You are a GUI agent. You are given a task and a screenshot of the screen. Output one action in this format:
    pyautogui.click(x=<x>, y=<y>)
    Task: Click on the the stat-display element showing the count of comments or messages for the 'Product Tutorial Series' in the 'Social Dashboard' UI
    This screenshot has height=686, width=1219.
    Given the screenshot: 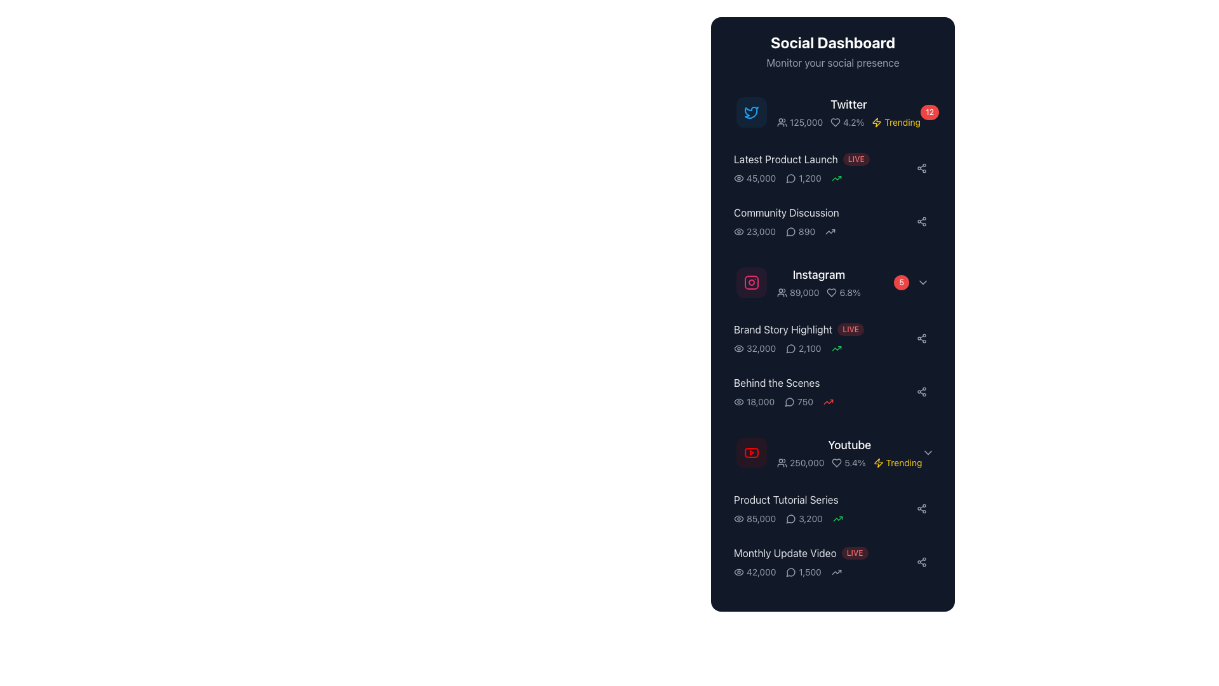 What is the action you would take?
    pyautogui.click(x=804, y=519)
    